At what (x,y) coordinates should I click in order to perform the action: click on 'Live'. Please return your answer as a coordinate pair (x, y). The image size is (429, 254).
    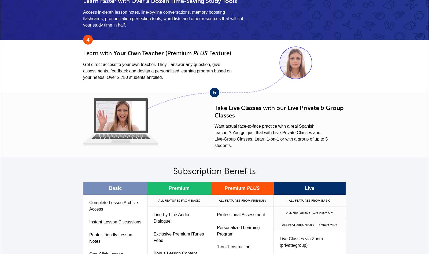
    Looking at the image, I should click on (305, 188).